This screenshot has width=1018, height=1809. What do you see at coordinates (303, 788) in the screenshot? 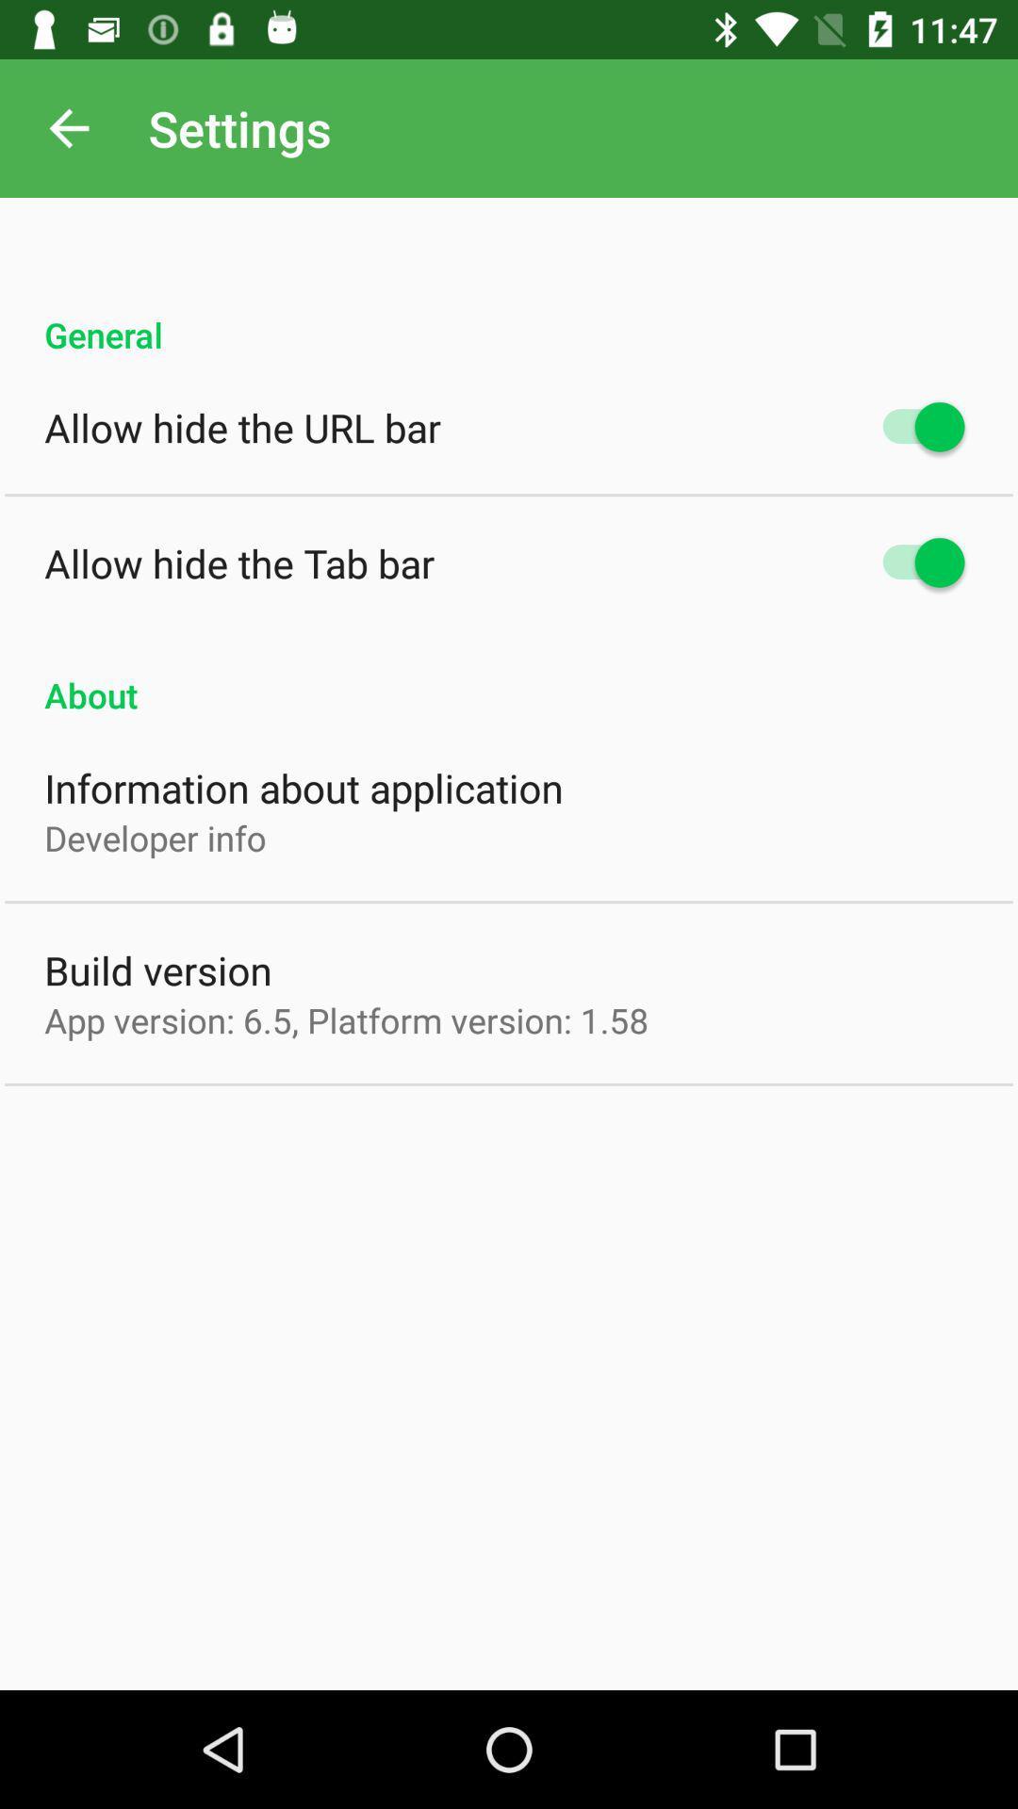
I see `the item below about` at bounding box center [303, 788].